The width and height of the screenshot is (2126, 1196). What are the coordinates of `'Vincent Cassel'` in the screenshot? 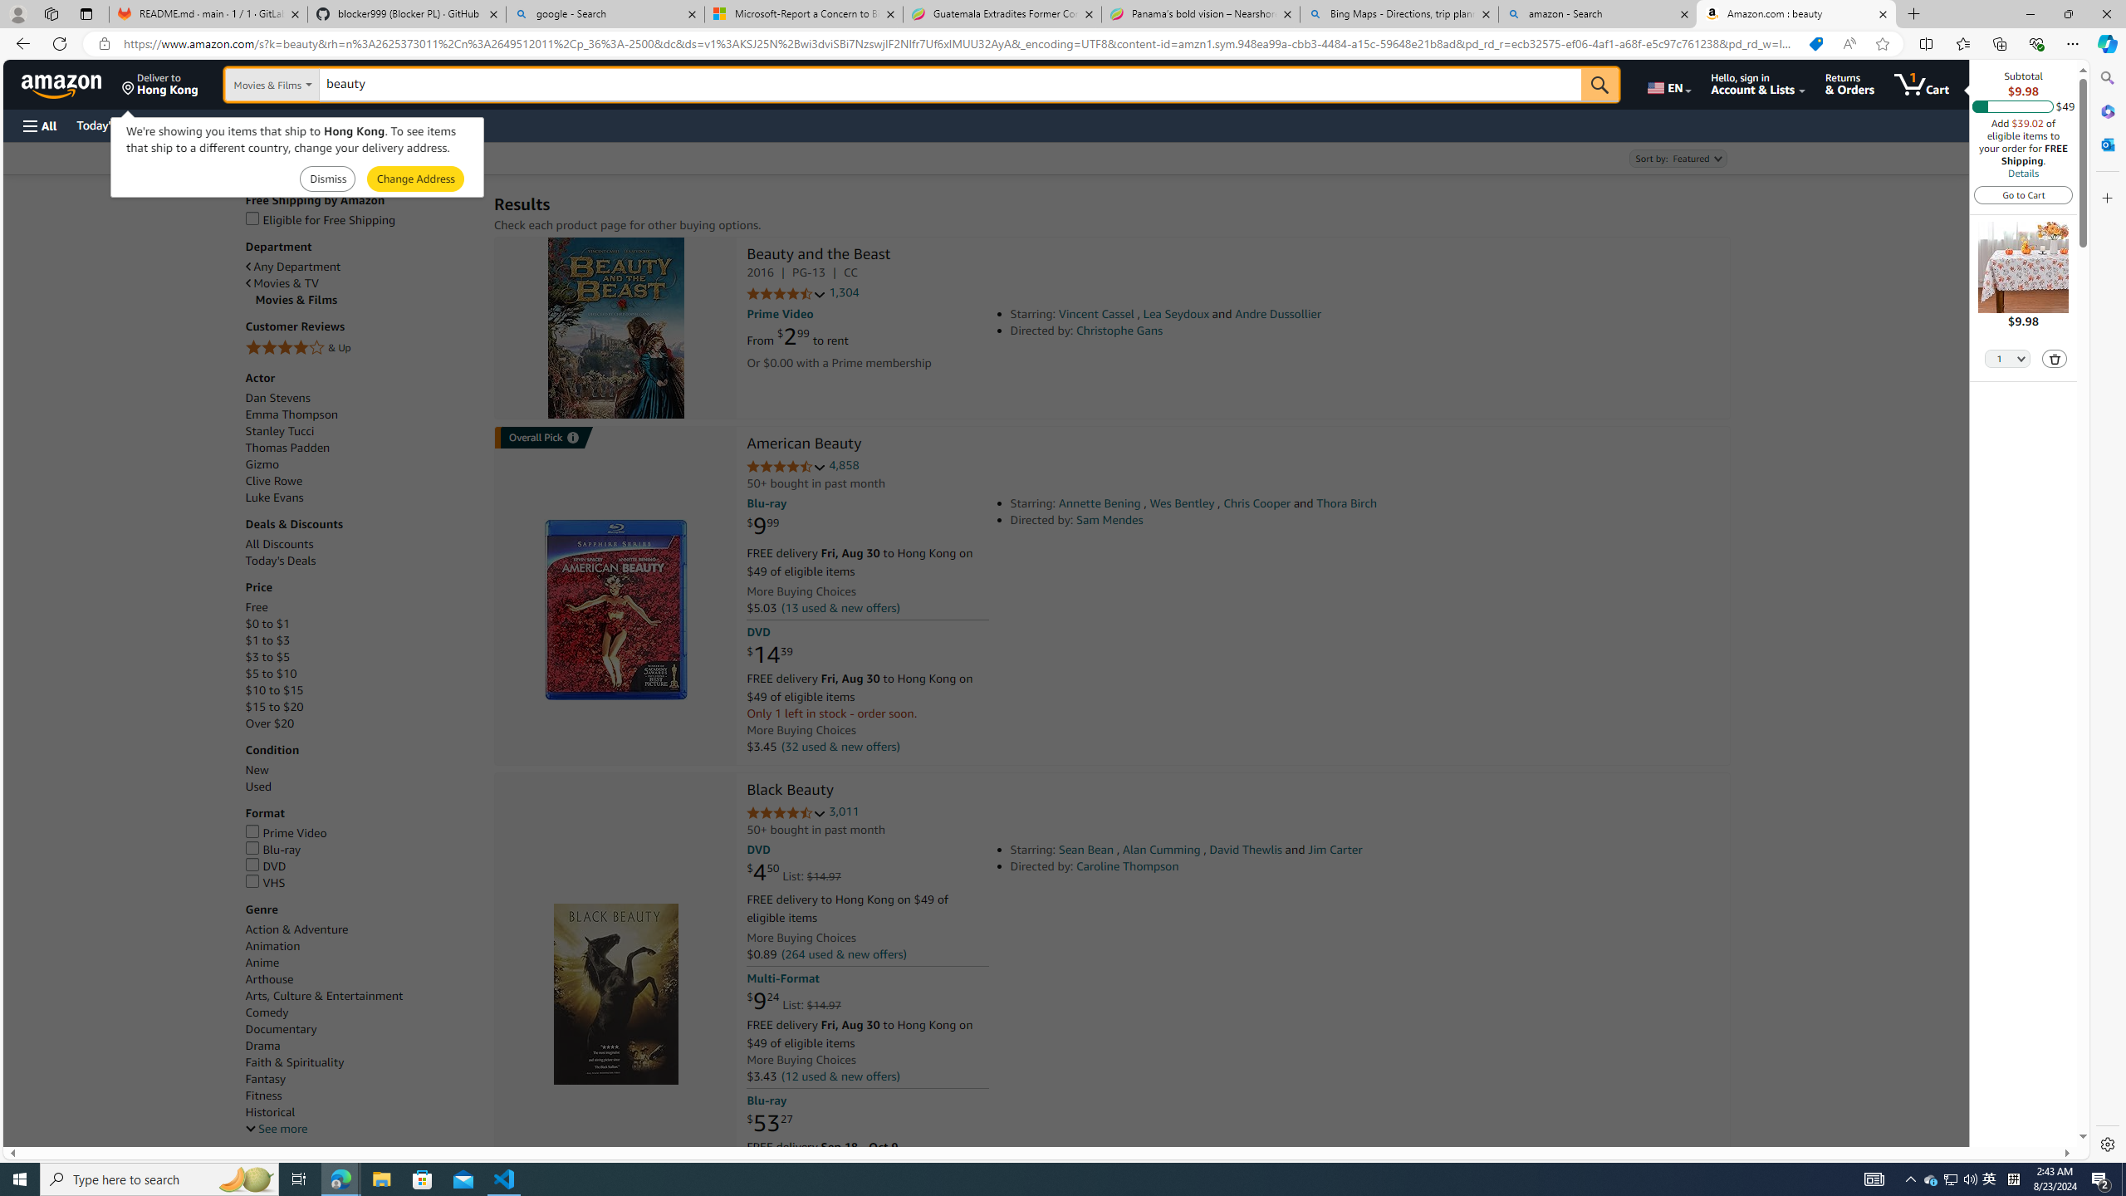 It's located at (1096, 314).